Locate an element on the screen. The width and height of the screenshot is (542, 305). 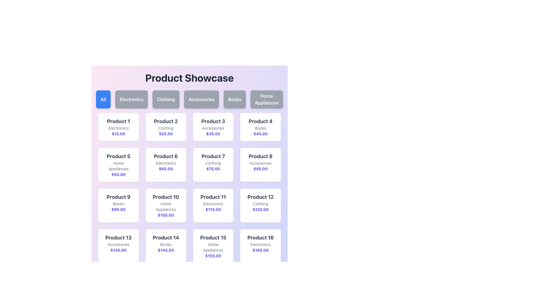
the 'Books' category selector button, which is the fifth button in a sequence of six buttons located under the title 'Product Showcase' is located at coordinates (235, 99).